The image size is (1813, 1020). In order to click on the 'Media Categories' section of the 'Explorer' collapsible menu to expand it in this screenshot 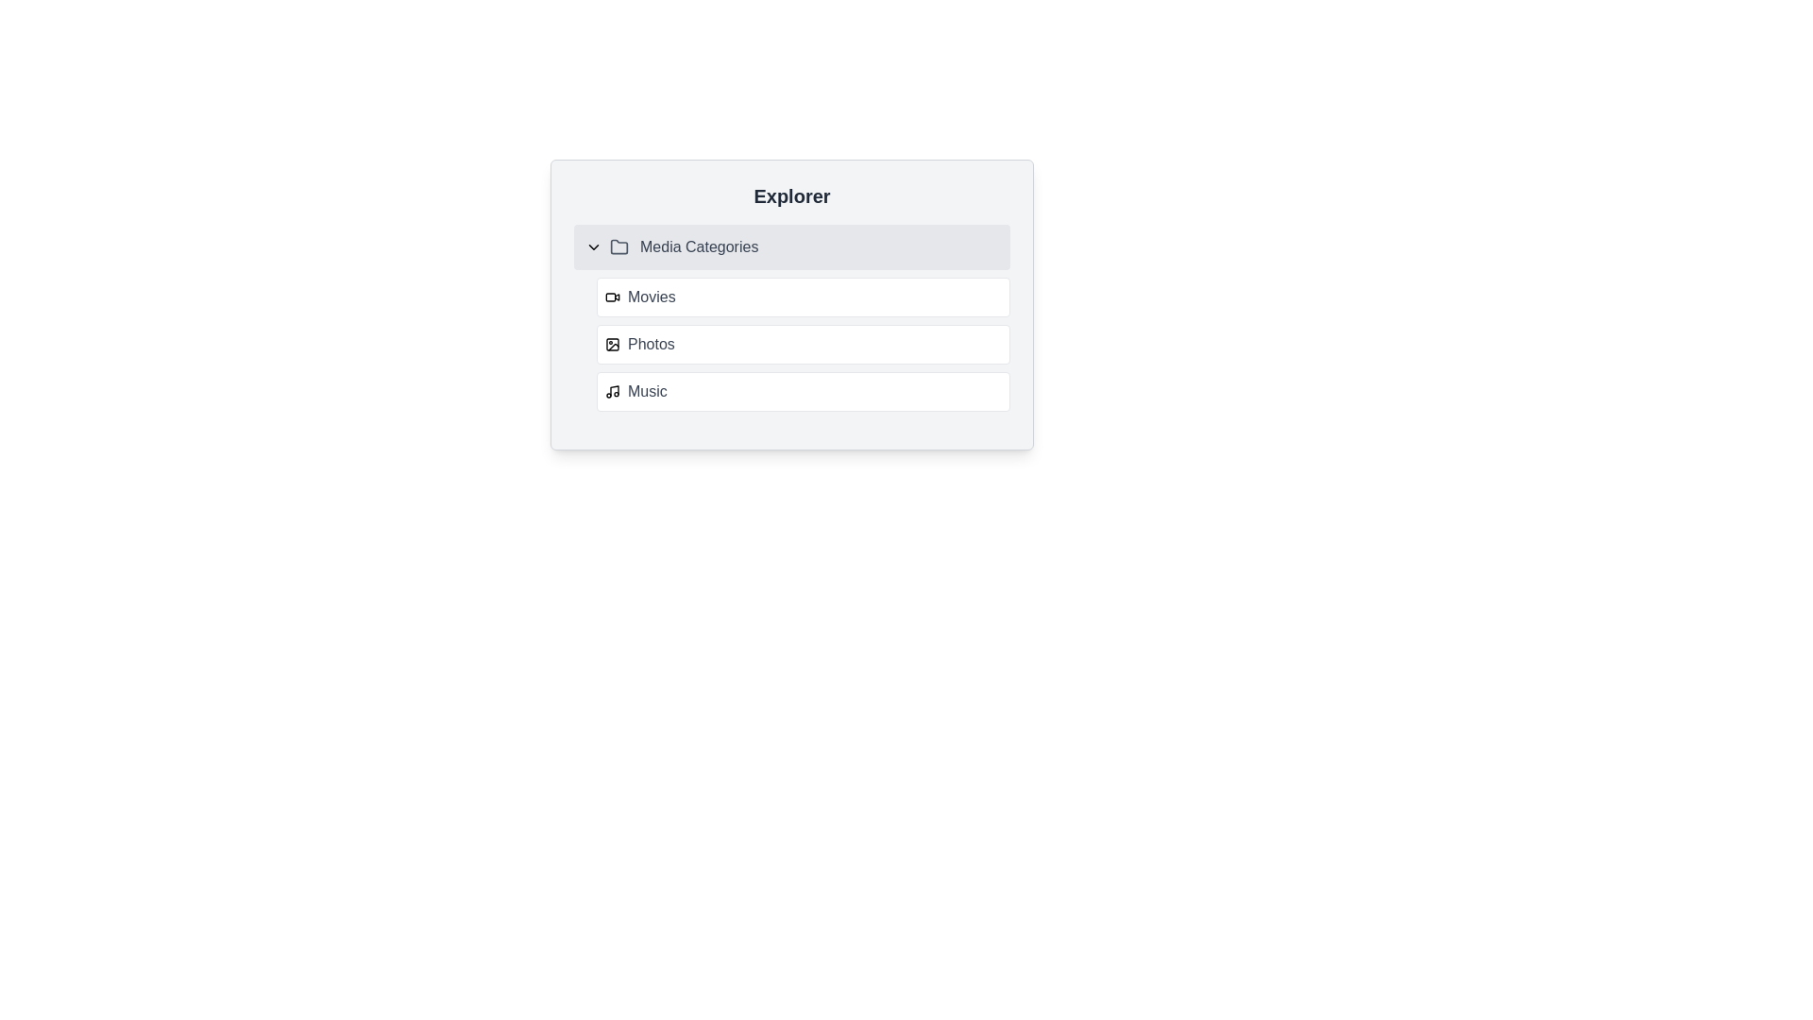, I will do `click(792, 304)`.